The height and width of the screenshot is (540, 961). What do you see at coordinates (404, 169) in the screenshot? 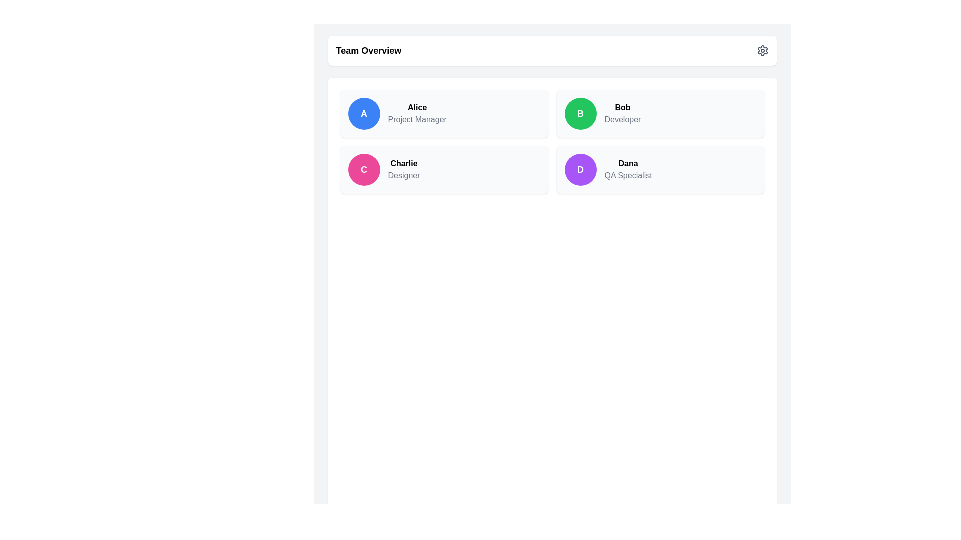
I see `the text display element that shows the name and role of a team member in the lower-left card of the 2x2 grid display in the 'Team Overview' section` at bounding box center [404, 169].